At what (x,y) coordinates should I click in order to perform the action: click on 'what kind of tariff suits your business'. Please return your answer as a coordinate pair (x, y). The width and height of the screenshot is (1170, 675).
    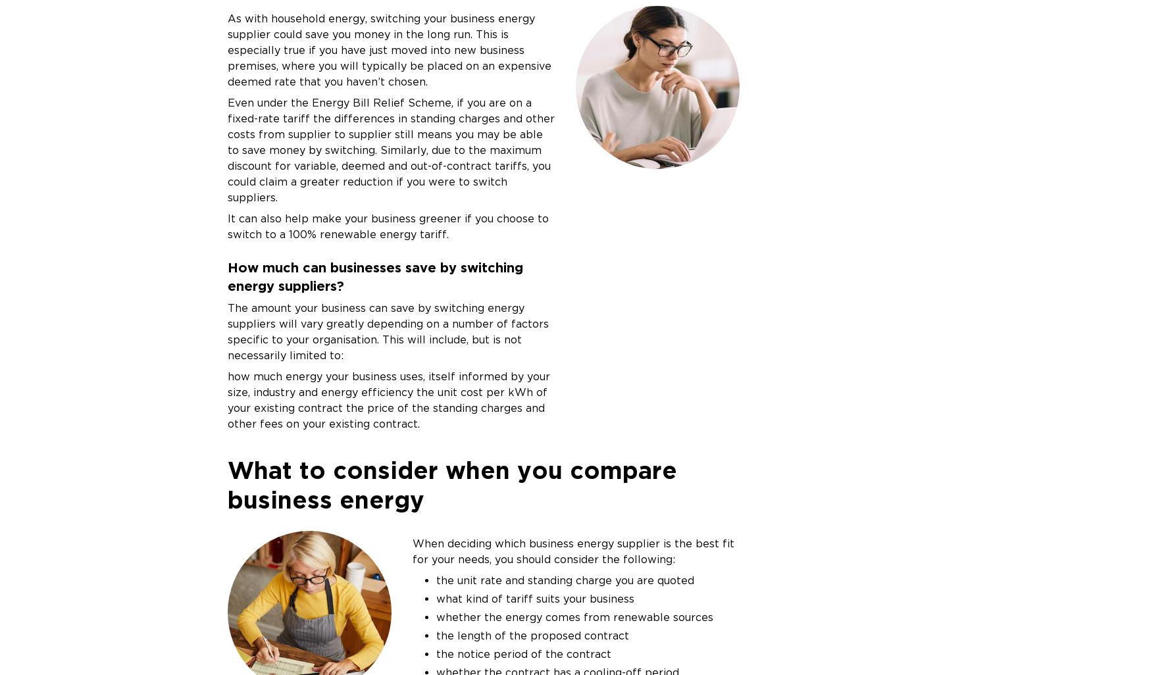
    Looking at the image, I should click on (435, 597).